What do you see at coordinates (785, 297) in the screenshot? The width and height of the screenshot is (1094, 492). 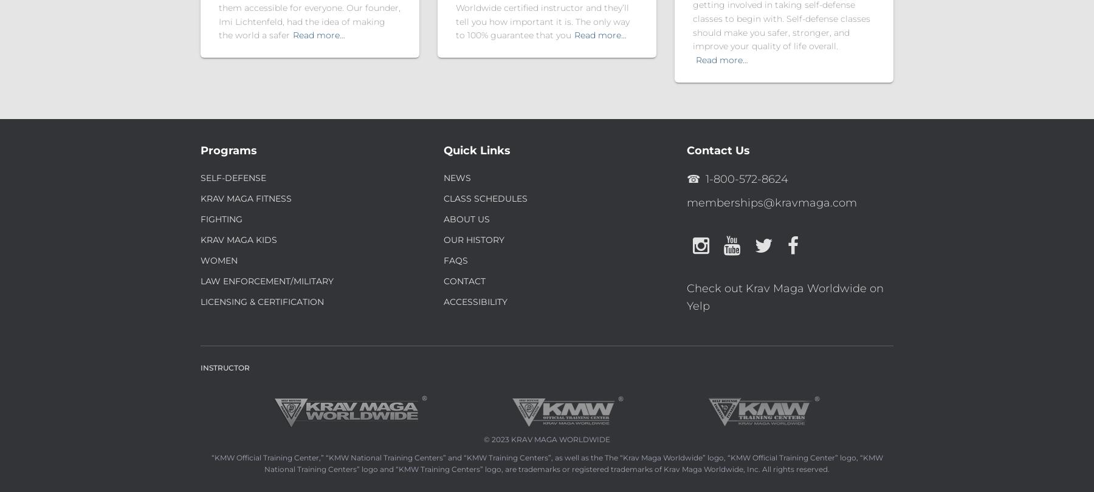 I see `'Check out Krav Maga Worldwide on Yelp'` at bounding box center [785, 297].